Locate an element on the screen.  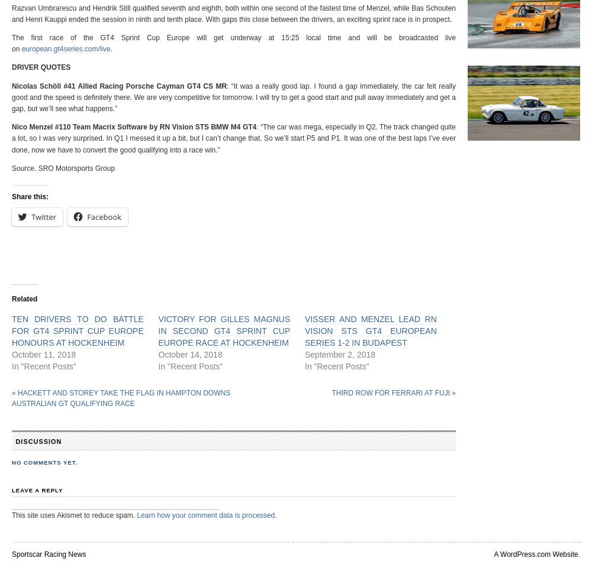
'The first race of the GT4 Sprint Cup Europe will get underway at 15:25 local time and will be broadcasted live on' is located at coordinates (234, 43).